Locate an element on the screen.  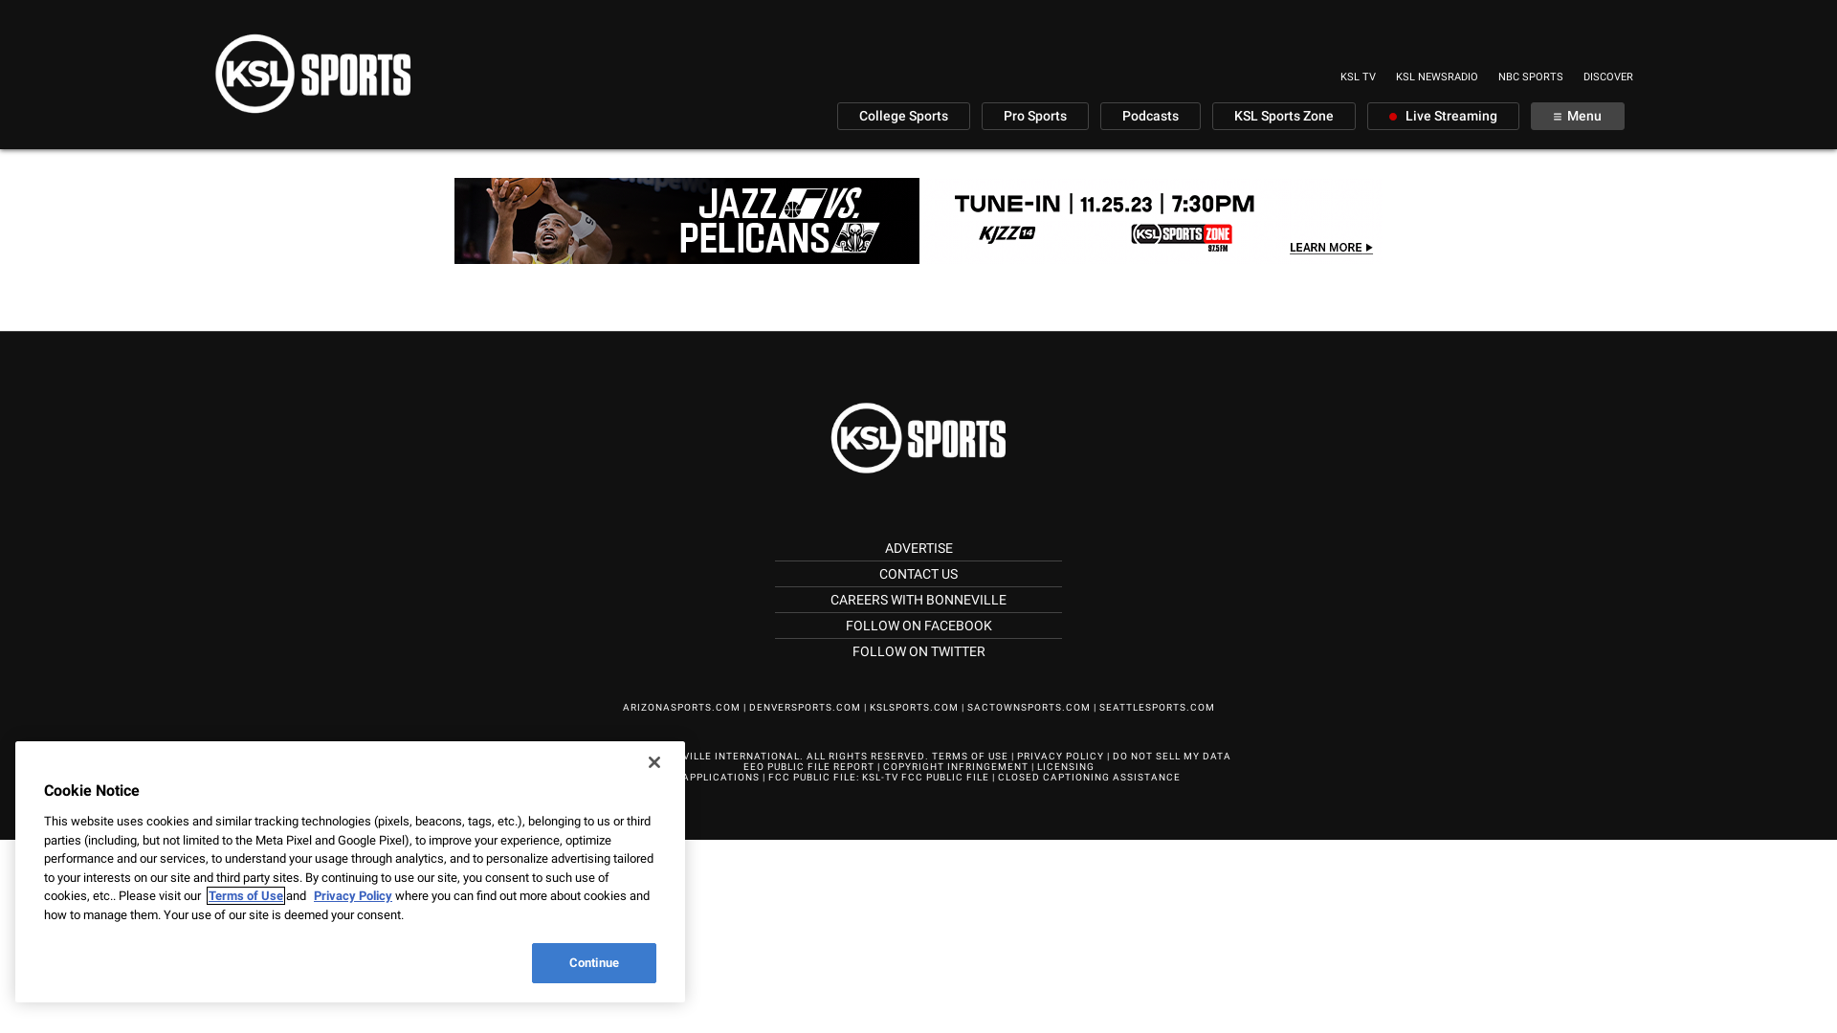
'KSL TV' is located at coordinates (1357, 76).